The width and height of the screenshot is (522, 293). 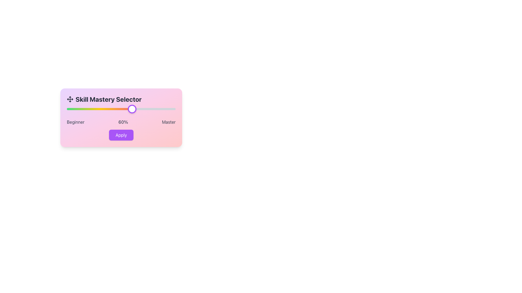 I want to click on the Skill Mastery level, so click(x=93, y=109).